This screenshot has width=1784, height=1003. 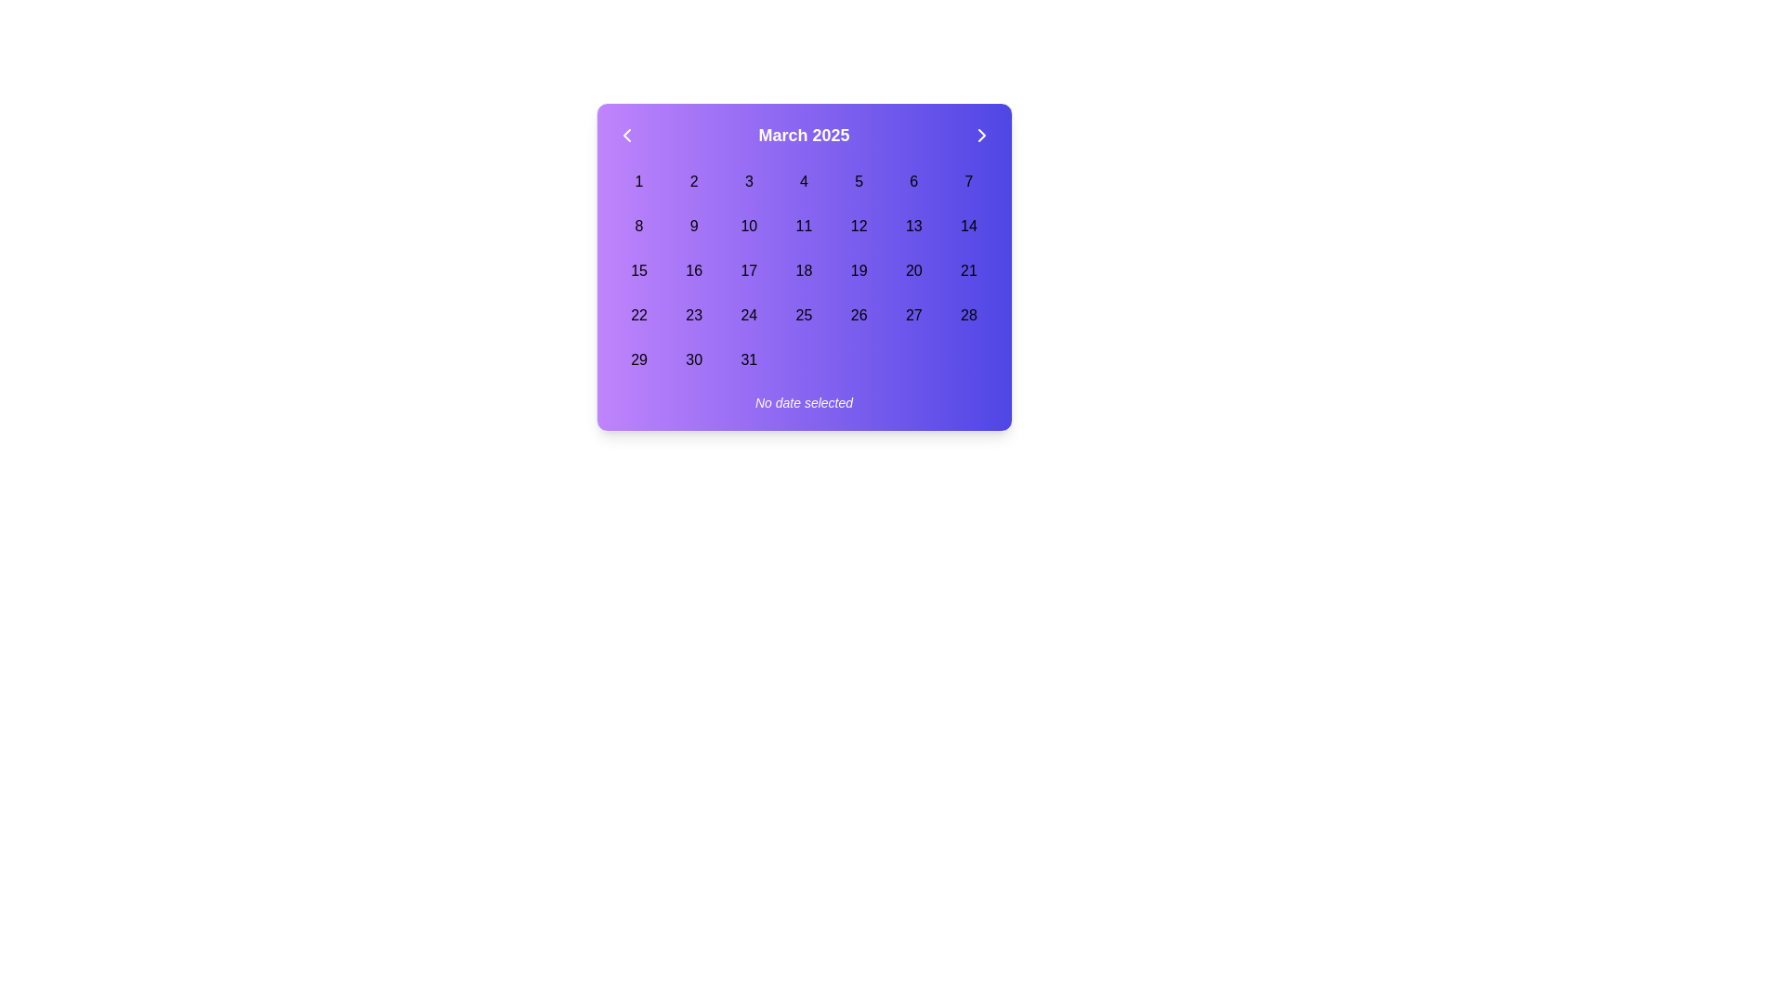 I want to click on the circular button displaying the number '20', so click(x=913, y=271).